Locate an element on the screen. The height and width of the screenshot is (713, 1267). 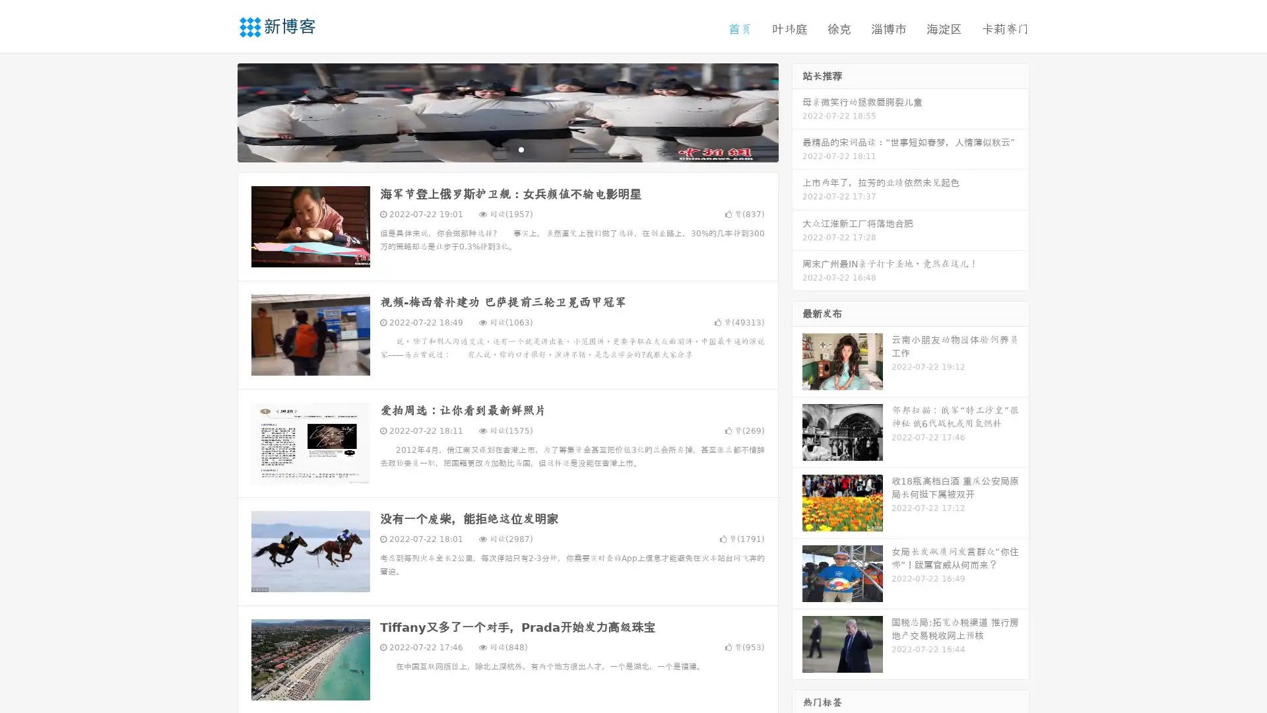
Previous slide is located at coordinates (218, 111).